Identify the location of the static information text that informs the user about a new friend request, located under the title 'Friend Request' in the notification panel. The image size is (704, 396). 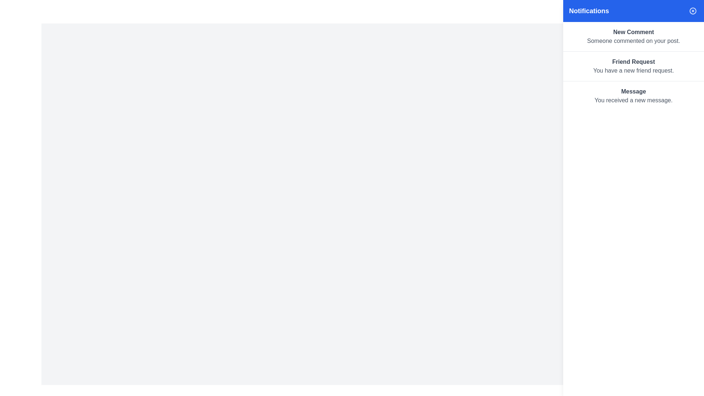
(633, 70).